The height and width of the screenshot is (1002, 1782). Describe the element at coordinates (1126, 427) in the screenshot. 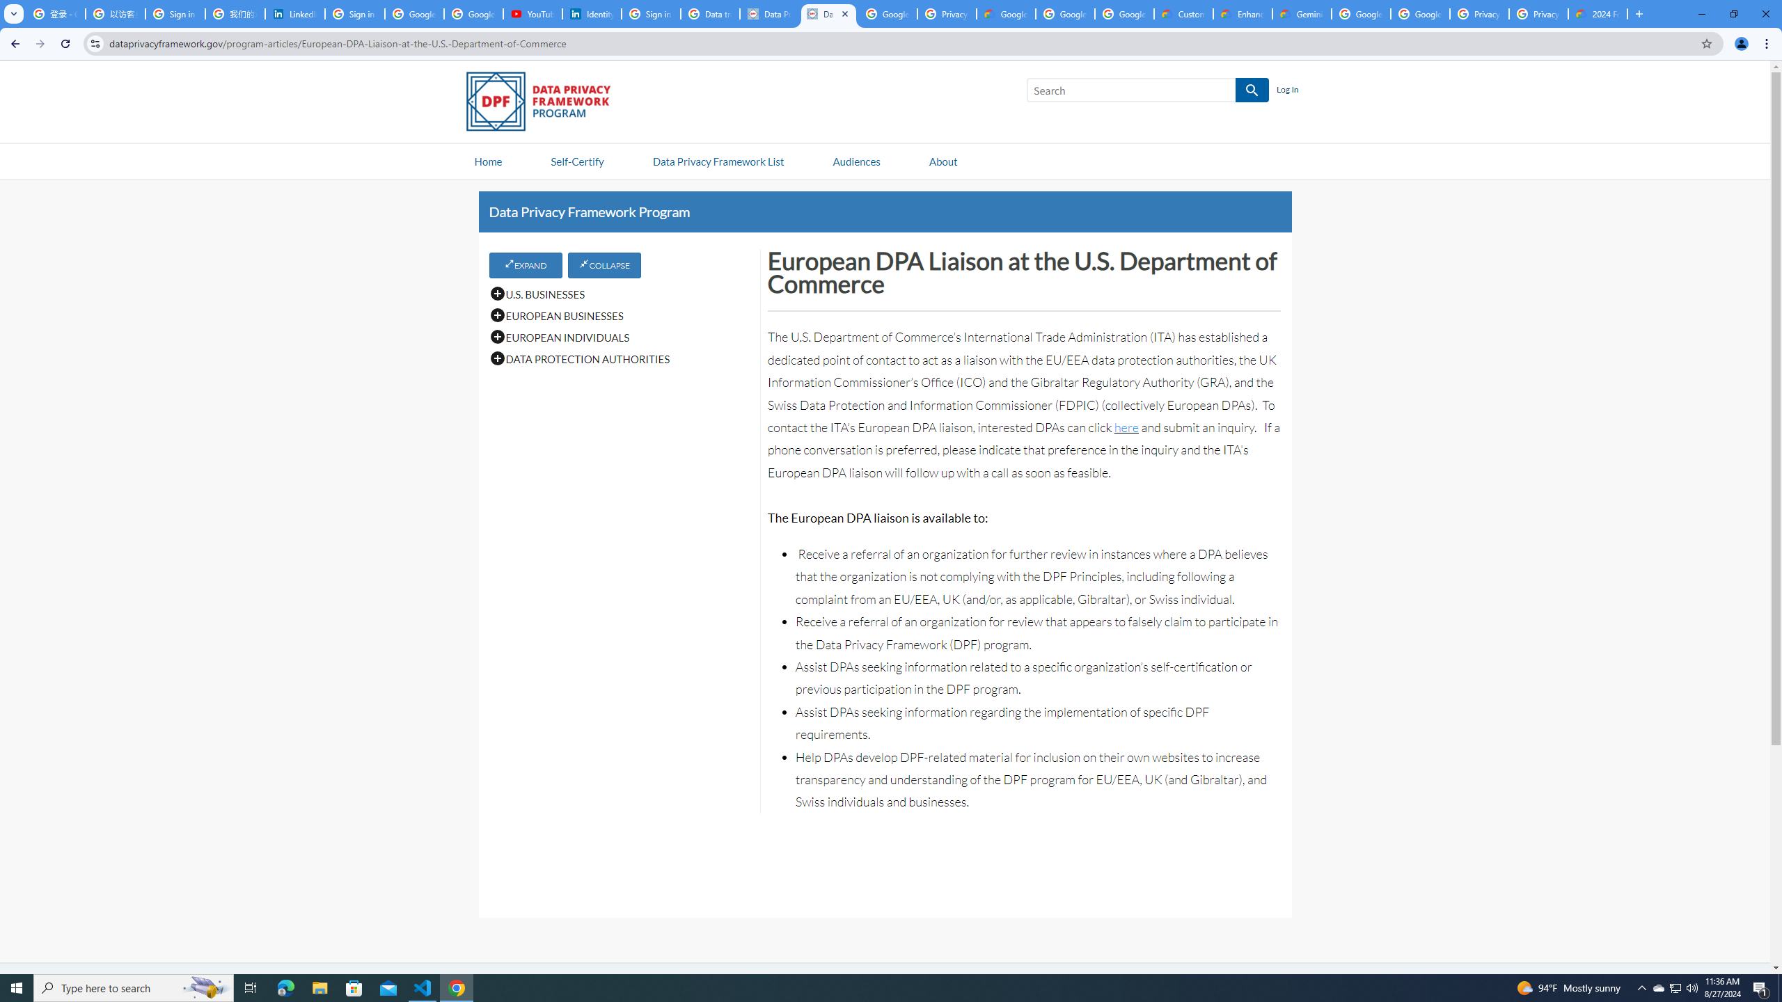

I see `'here'` at that location.